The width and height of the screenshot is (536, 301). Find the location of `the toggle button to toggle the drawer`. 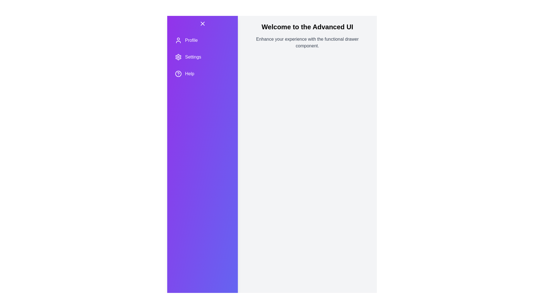

the toggle button to toggle the drawer is located at coordinates (202, 23).